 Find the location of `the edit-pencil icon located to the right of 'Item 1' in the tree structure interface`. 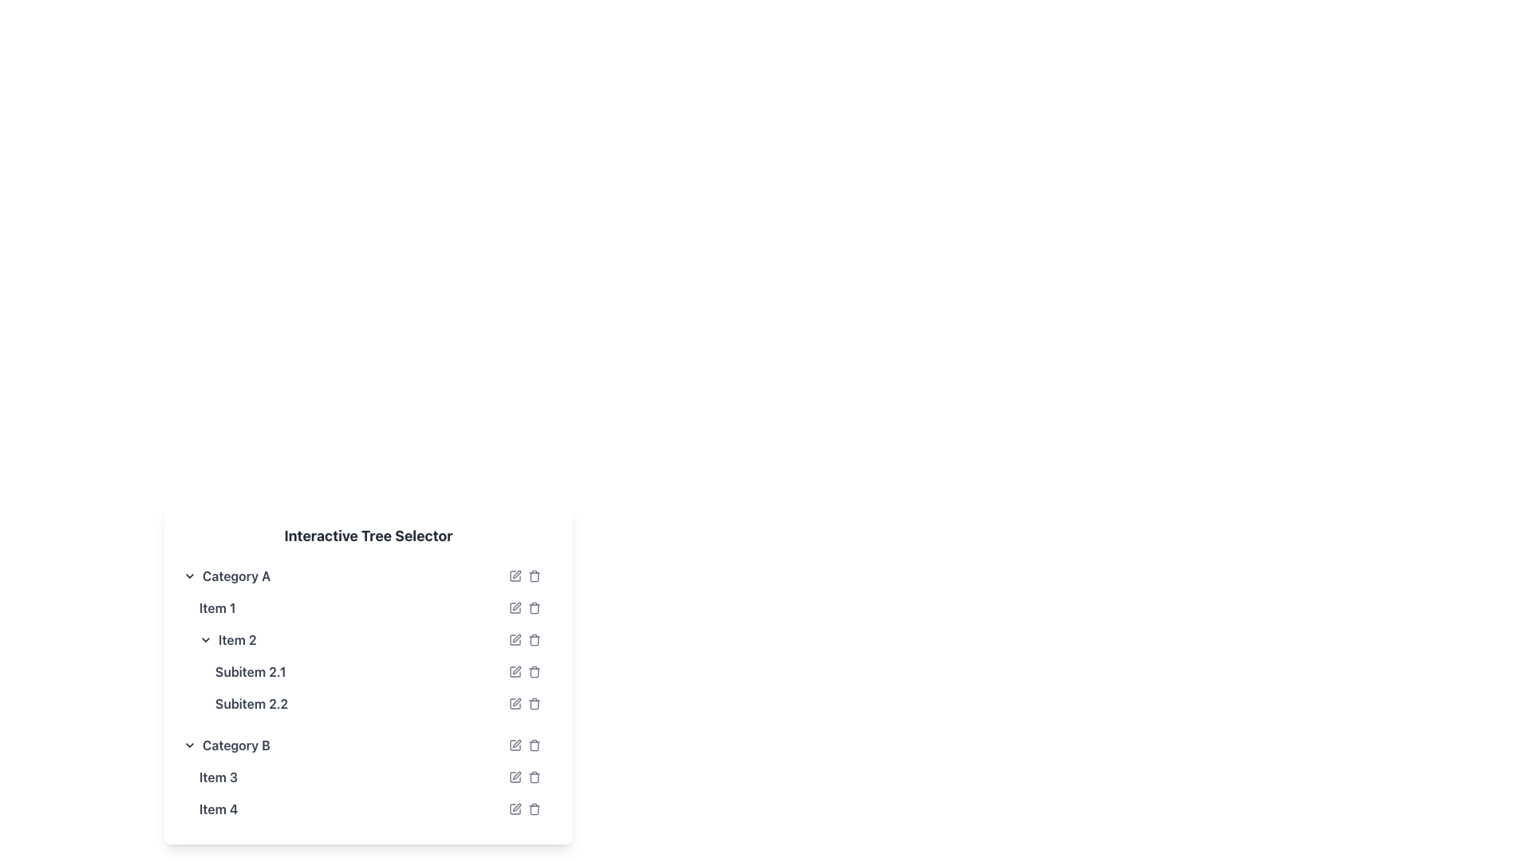

the edit-pencil icon located to the right of 'Item 1' in the tree structure interface is located at coordinates (517, 606).